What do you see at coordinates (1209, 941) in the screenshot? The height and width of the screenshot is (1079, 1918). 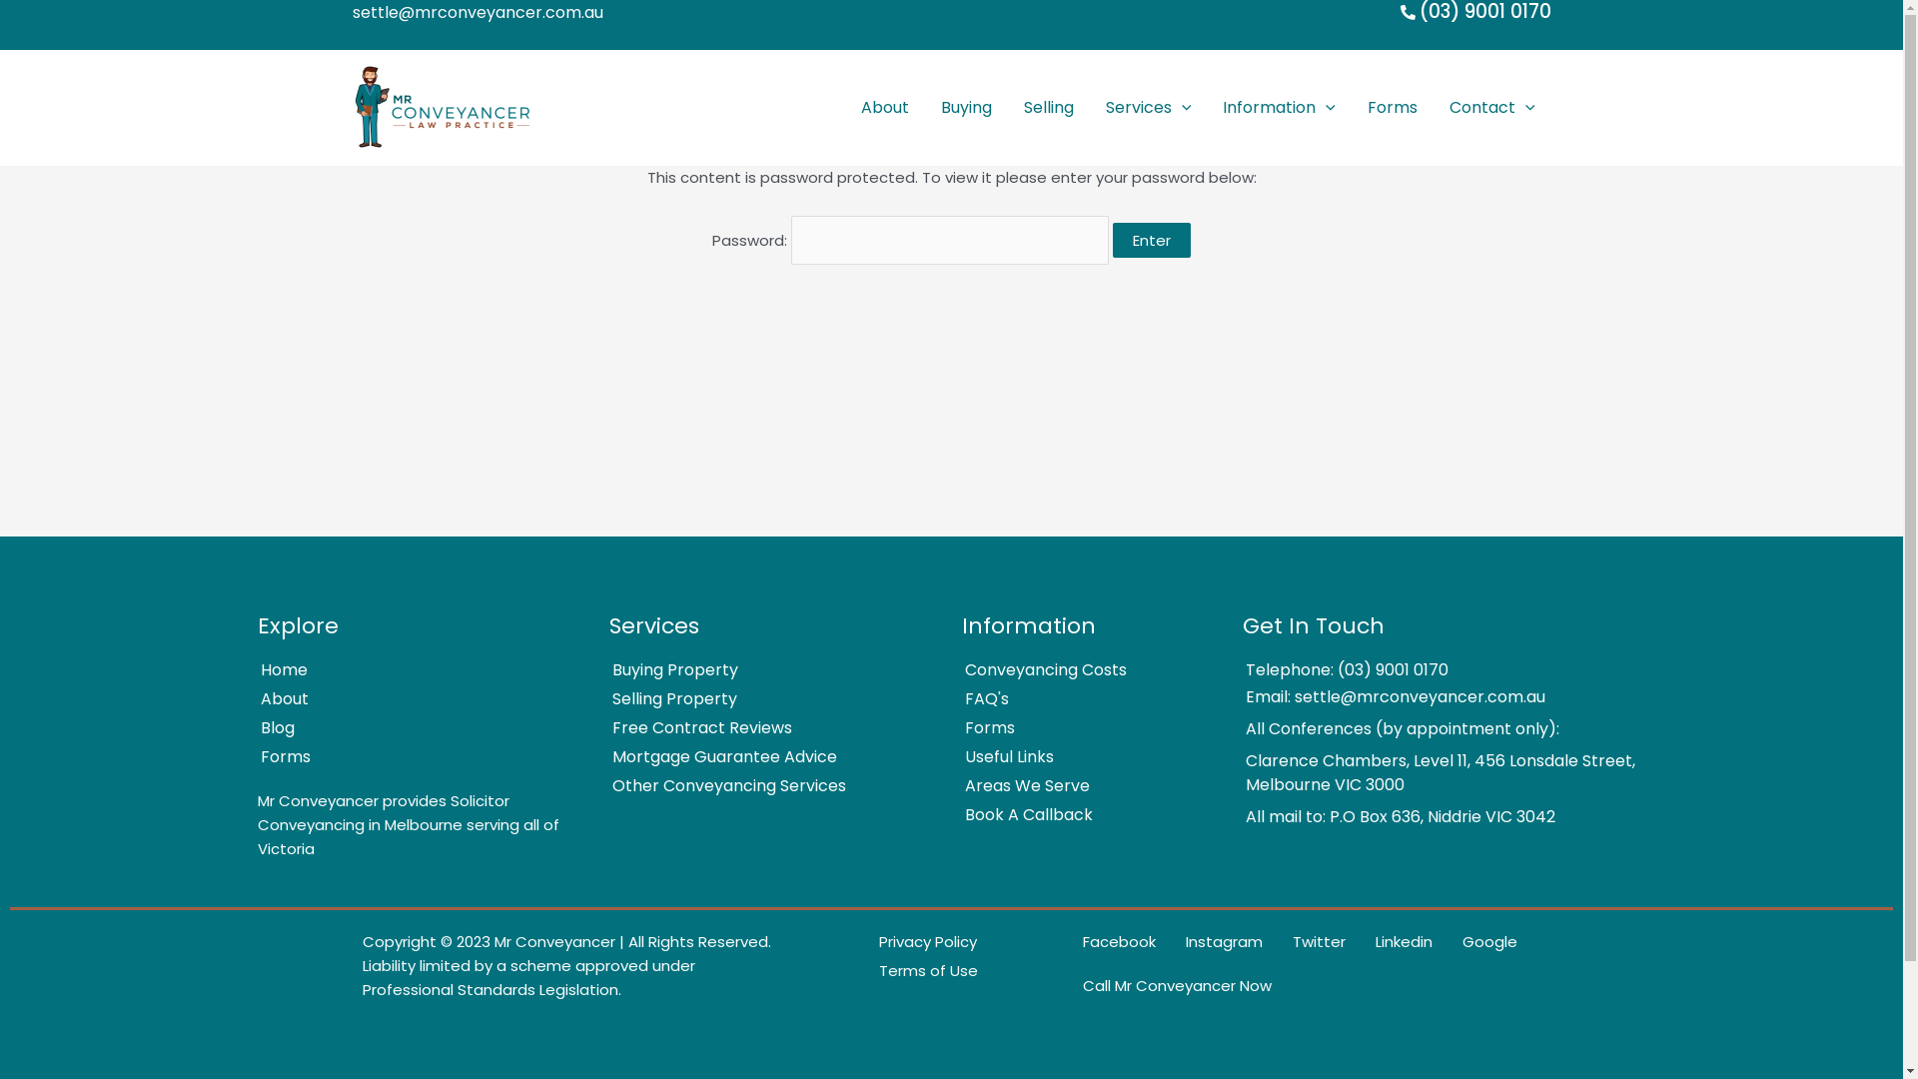 I see `'Instagram'` at bounding box center [1209, 941].